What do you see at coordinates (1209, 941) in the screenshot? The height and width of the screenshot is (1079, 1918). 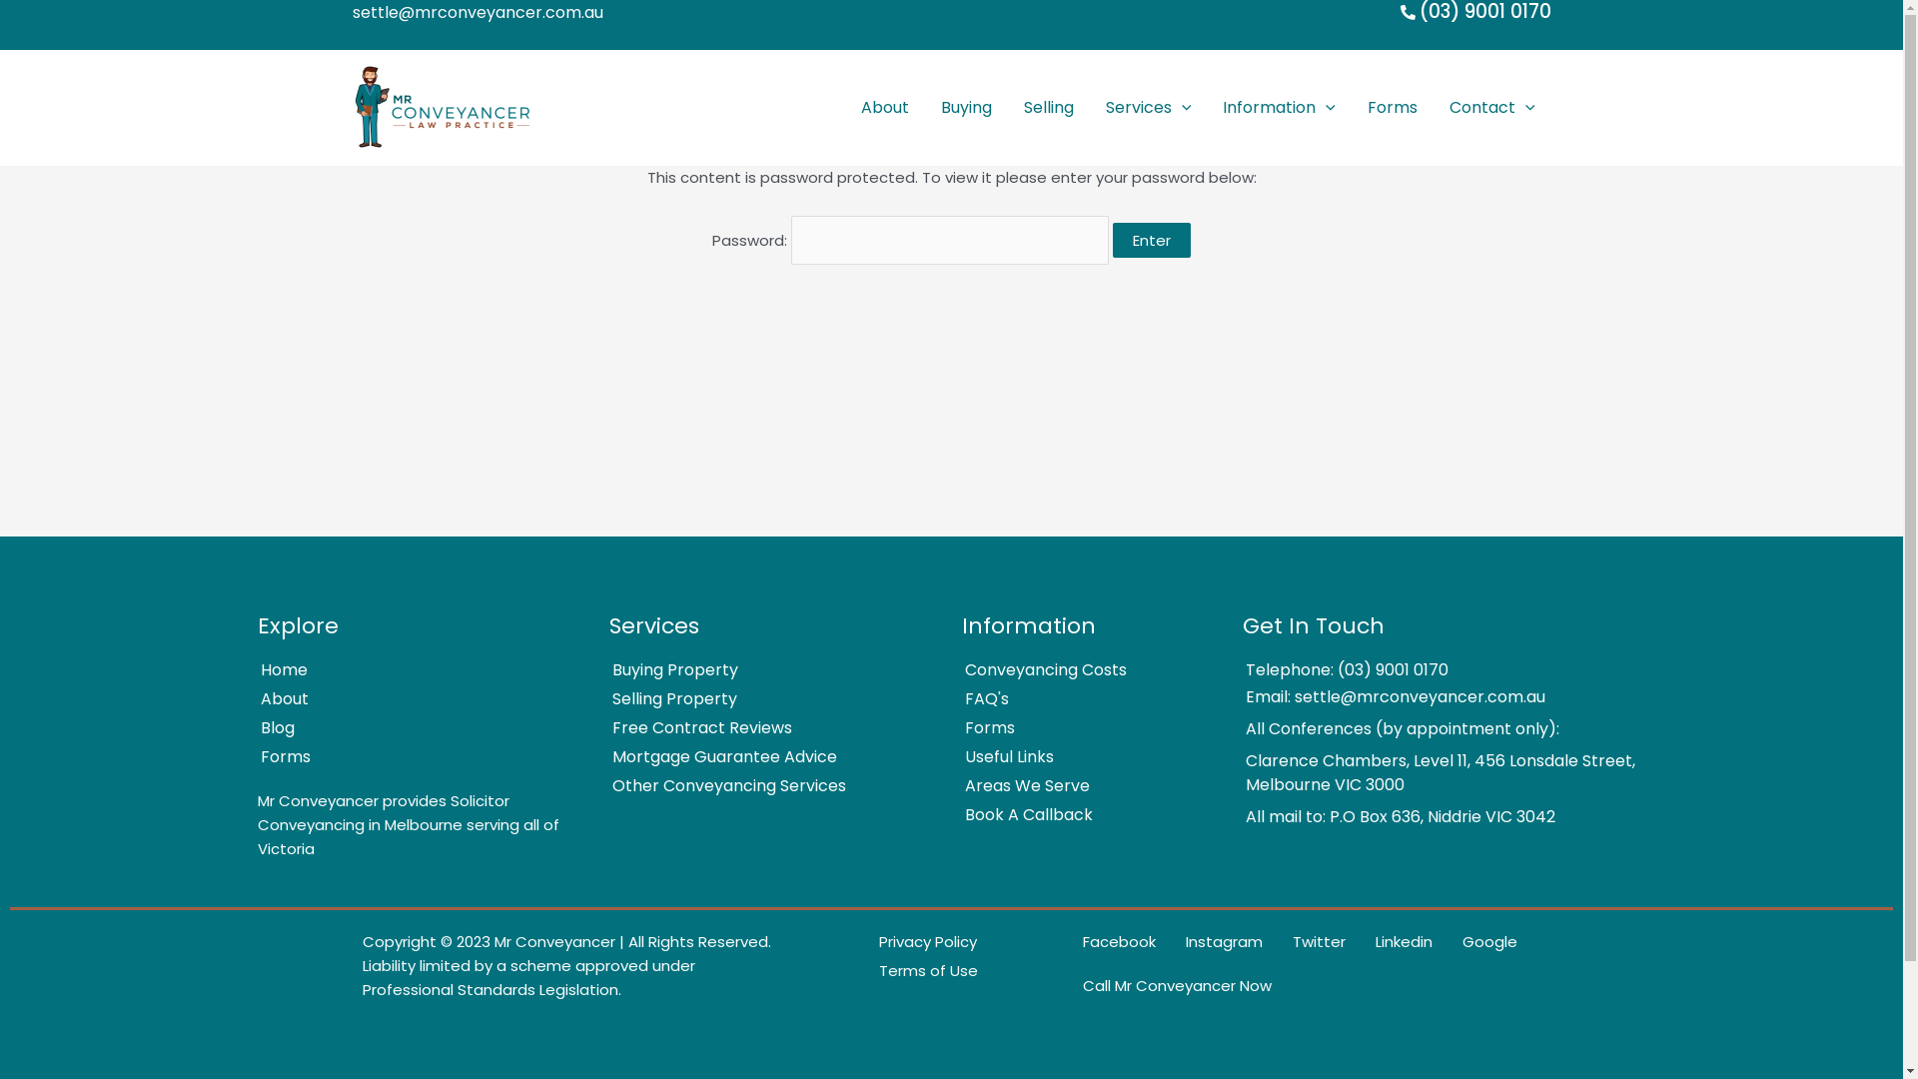 I see `'Instagram'` at bounding box center [1209, 941].